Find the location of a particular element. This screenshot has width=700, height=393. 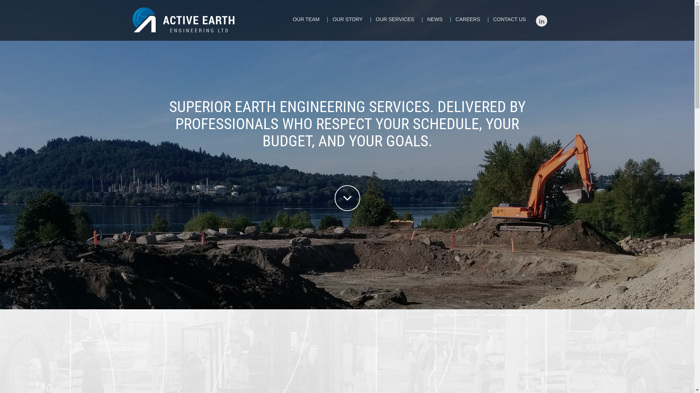

'CAREERS' is located at coordinates (455, 21).